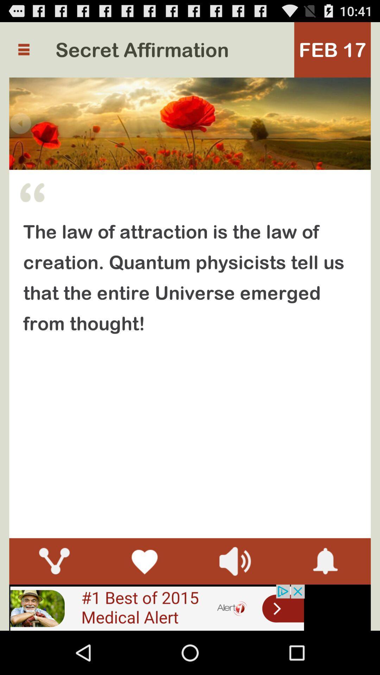 This screenshot has height=675, width=380. Describe the element at coordinates (23, 53) in the screenshot. I see `the menu icon` at that location.